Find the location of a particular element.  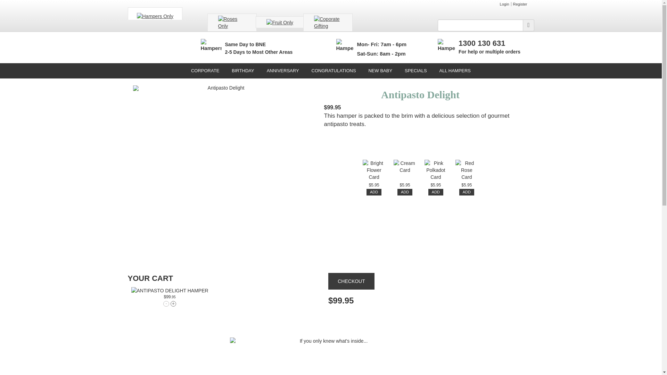

'-' is located at coordinates (166, 303).